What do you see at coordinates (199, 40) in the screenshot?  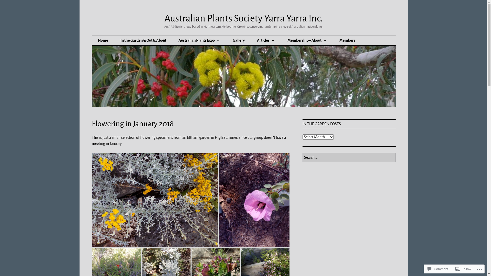 I see `'Australian Plants Expo'` at bounding box center [199, 40].